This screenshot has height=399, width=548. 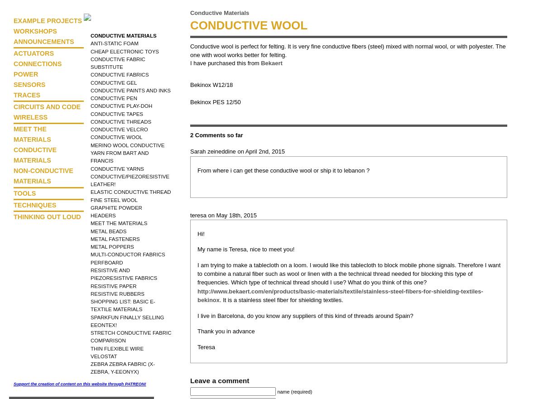 I want to click on 'Velostat', so click(x=103, y=356).